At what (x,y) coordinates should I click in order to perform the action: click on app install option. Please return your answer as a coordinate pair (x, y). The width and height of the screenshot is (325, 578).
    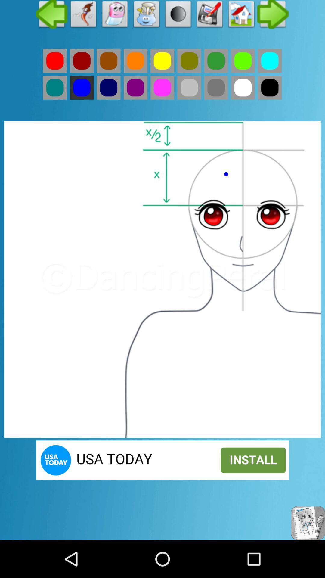
    Looking at the image, I should click on (162, 460).